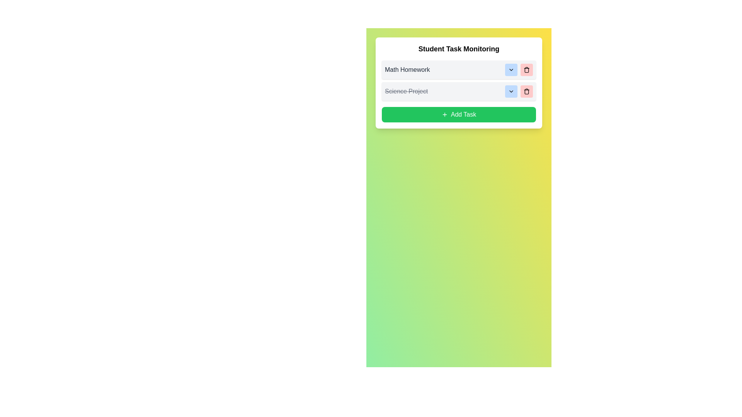 The height and width of the screenshot is (417, 742). What do you see at coordinates (406, 91) in the screenshot?
I see `the text label displaying 'Science Project' with a strikethrough style, indicating a completed task, located in the central interface area under the 'Math Homework' element` at bounding box center [406, 91].